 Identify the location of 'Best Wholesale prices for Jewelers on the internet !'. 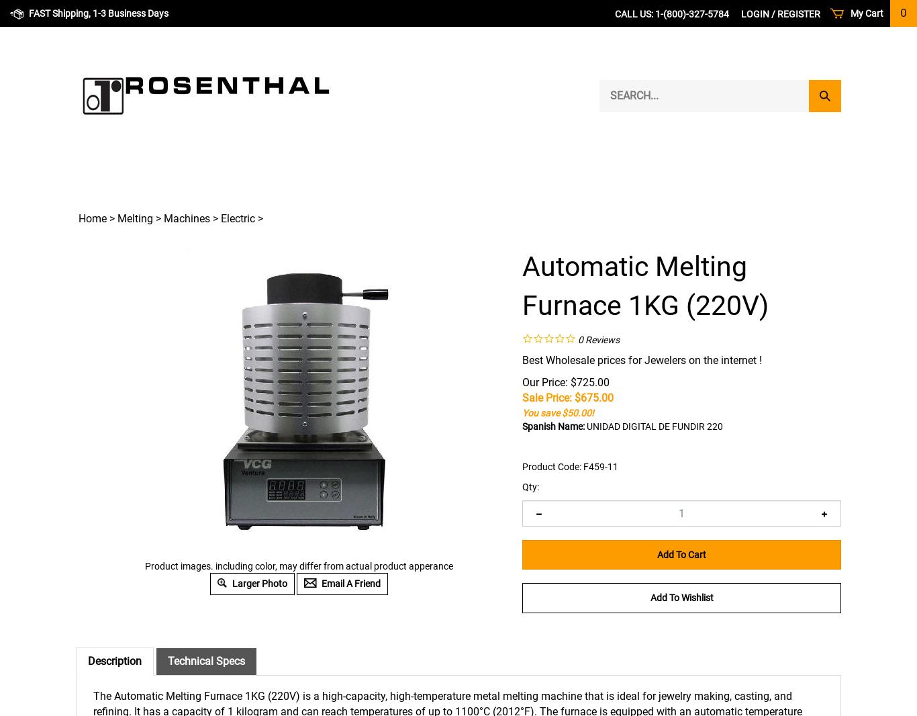
(642, 359).